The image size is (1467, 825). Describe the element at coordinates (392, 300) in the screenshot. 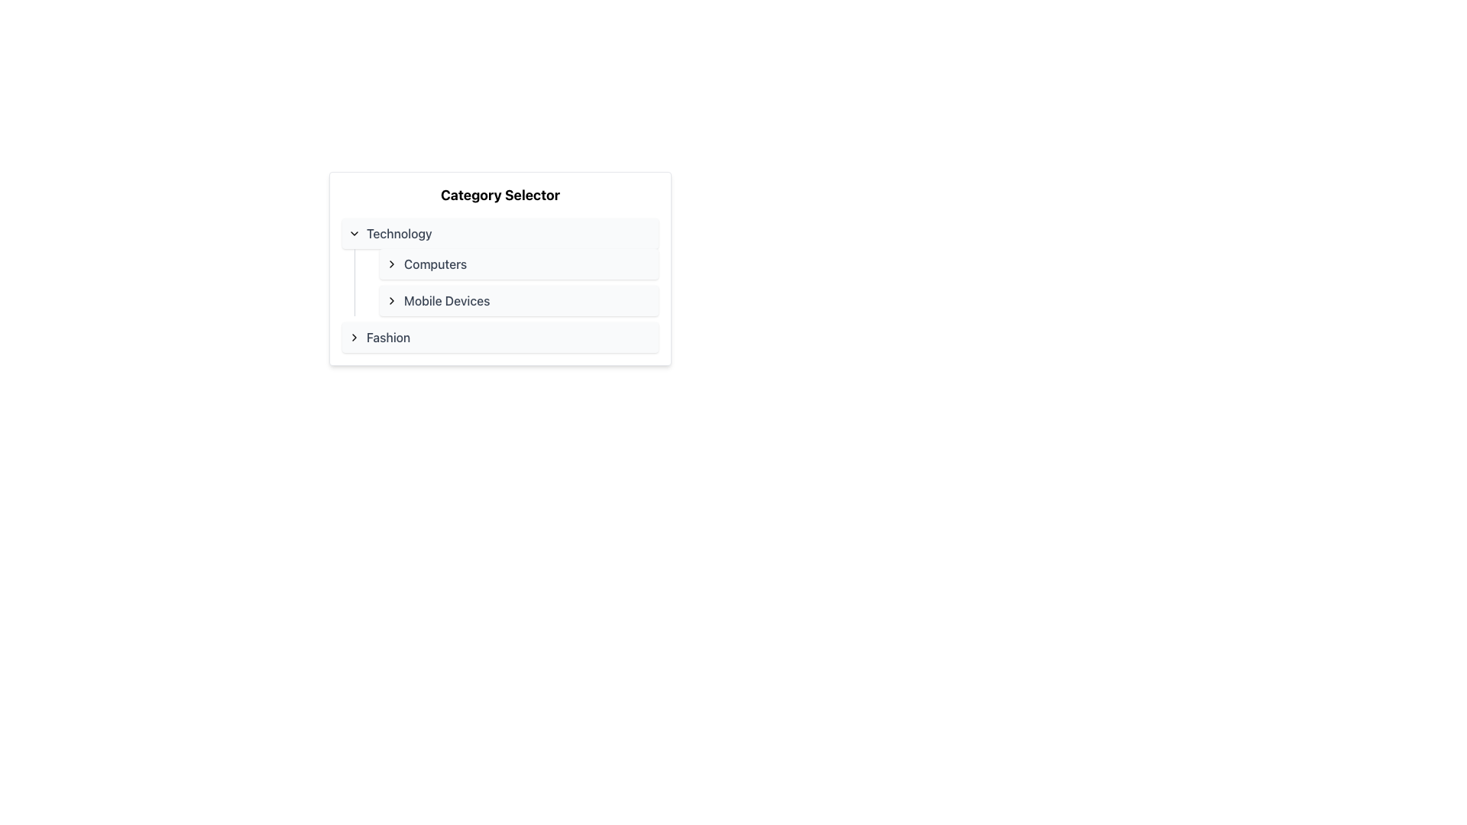

I see `the small chevron icon pointing to the right, located on the left side of the 'Mobile Devices' text label` at that location.